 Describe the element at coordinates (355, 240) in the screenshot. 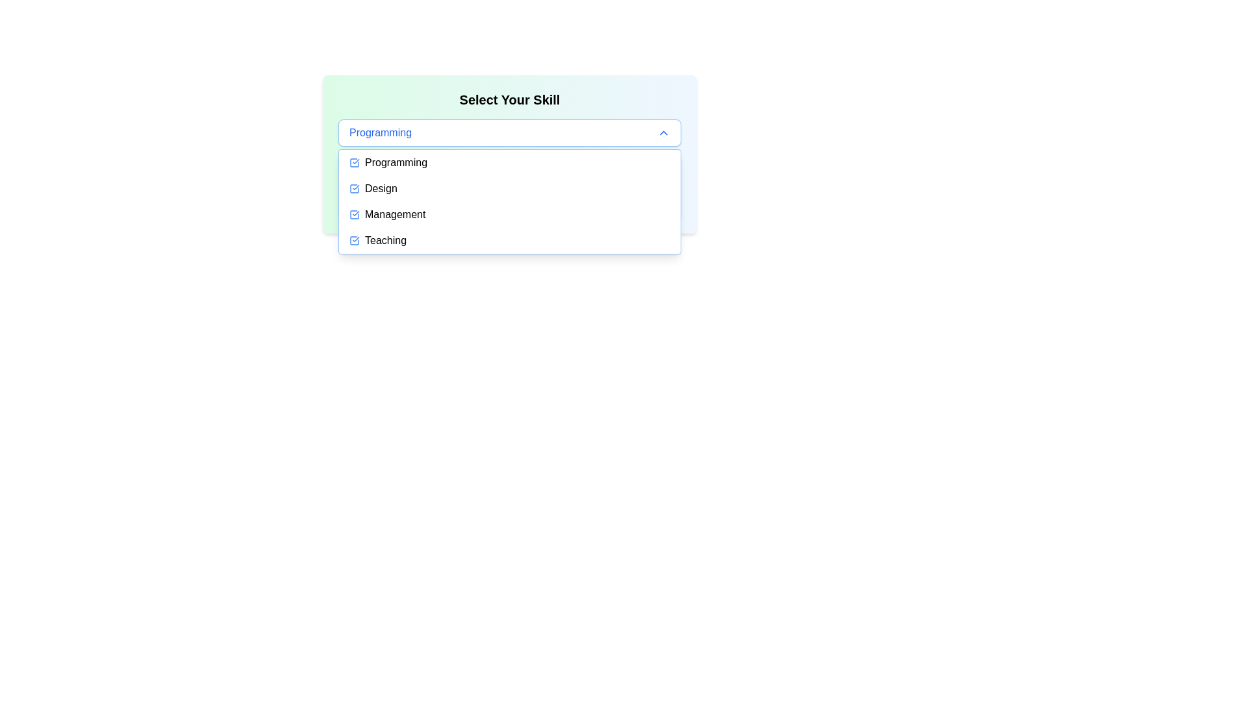

I see `the visual state of the outer border of the checkbox-style icon associated with the 'Teaching' option in the dropdown menu, which is located in the bottom entry of the list under 'Select Your Skill'` at that location.